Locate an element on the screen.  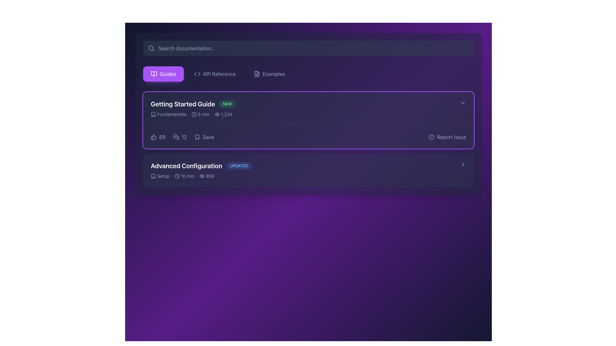
the magnifying glass icon in the top-left corner of the search bar is located at coordinates (151, 48).